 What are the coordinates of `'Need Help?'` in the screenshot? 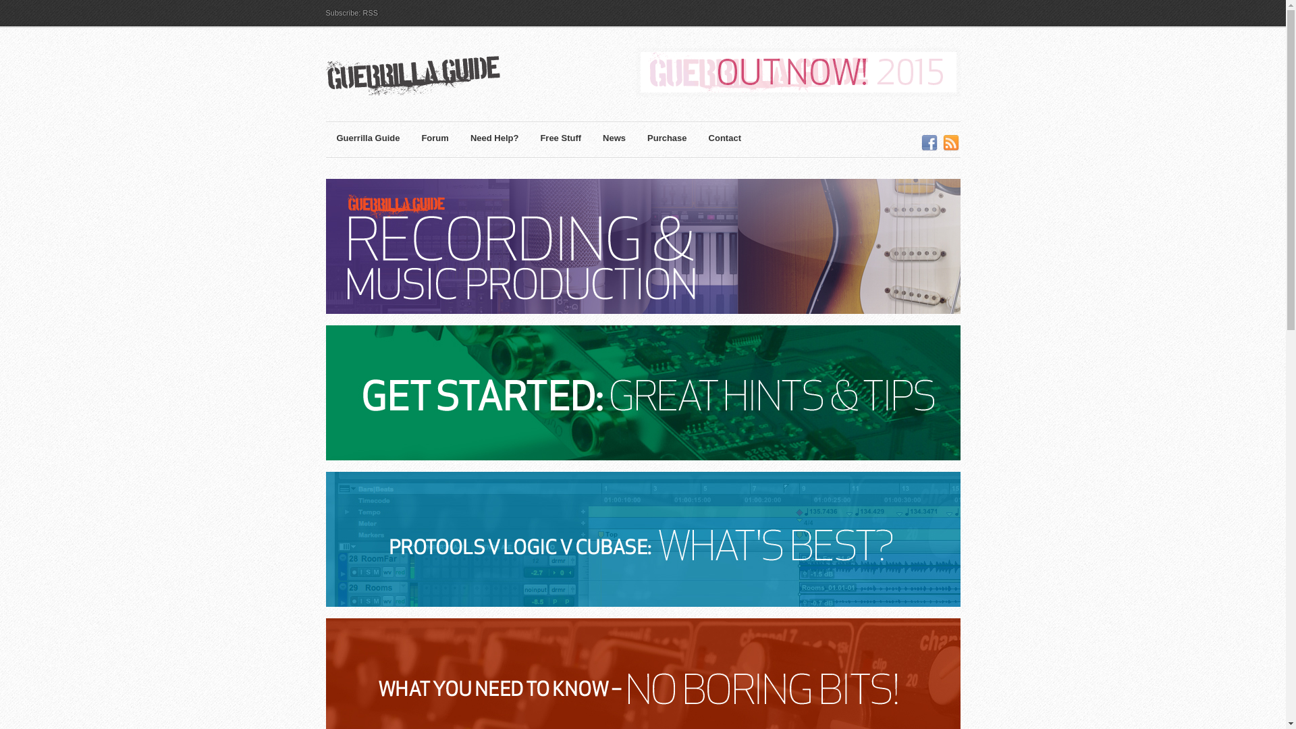 It's located at (494, 140).